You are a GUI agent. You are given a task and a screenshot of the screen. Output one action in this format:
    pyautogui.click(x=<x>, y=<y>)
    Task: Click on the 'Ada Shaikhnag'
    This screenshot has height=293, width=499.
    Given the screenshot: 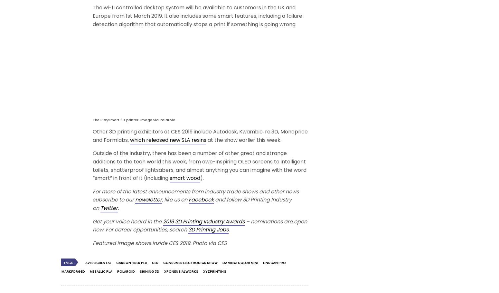 What is the action you would take?
    pyautogui.click(x=346, y=88)
    